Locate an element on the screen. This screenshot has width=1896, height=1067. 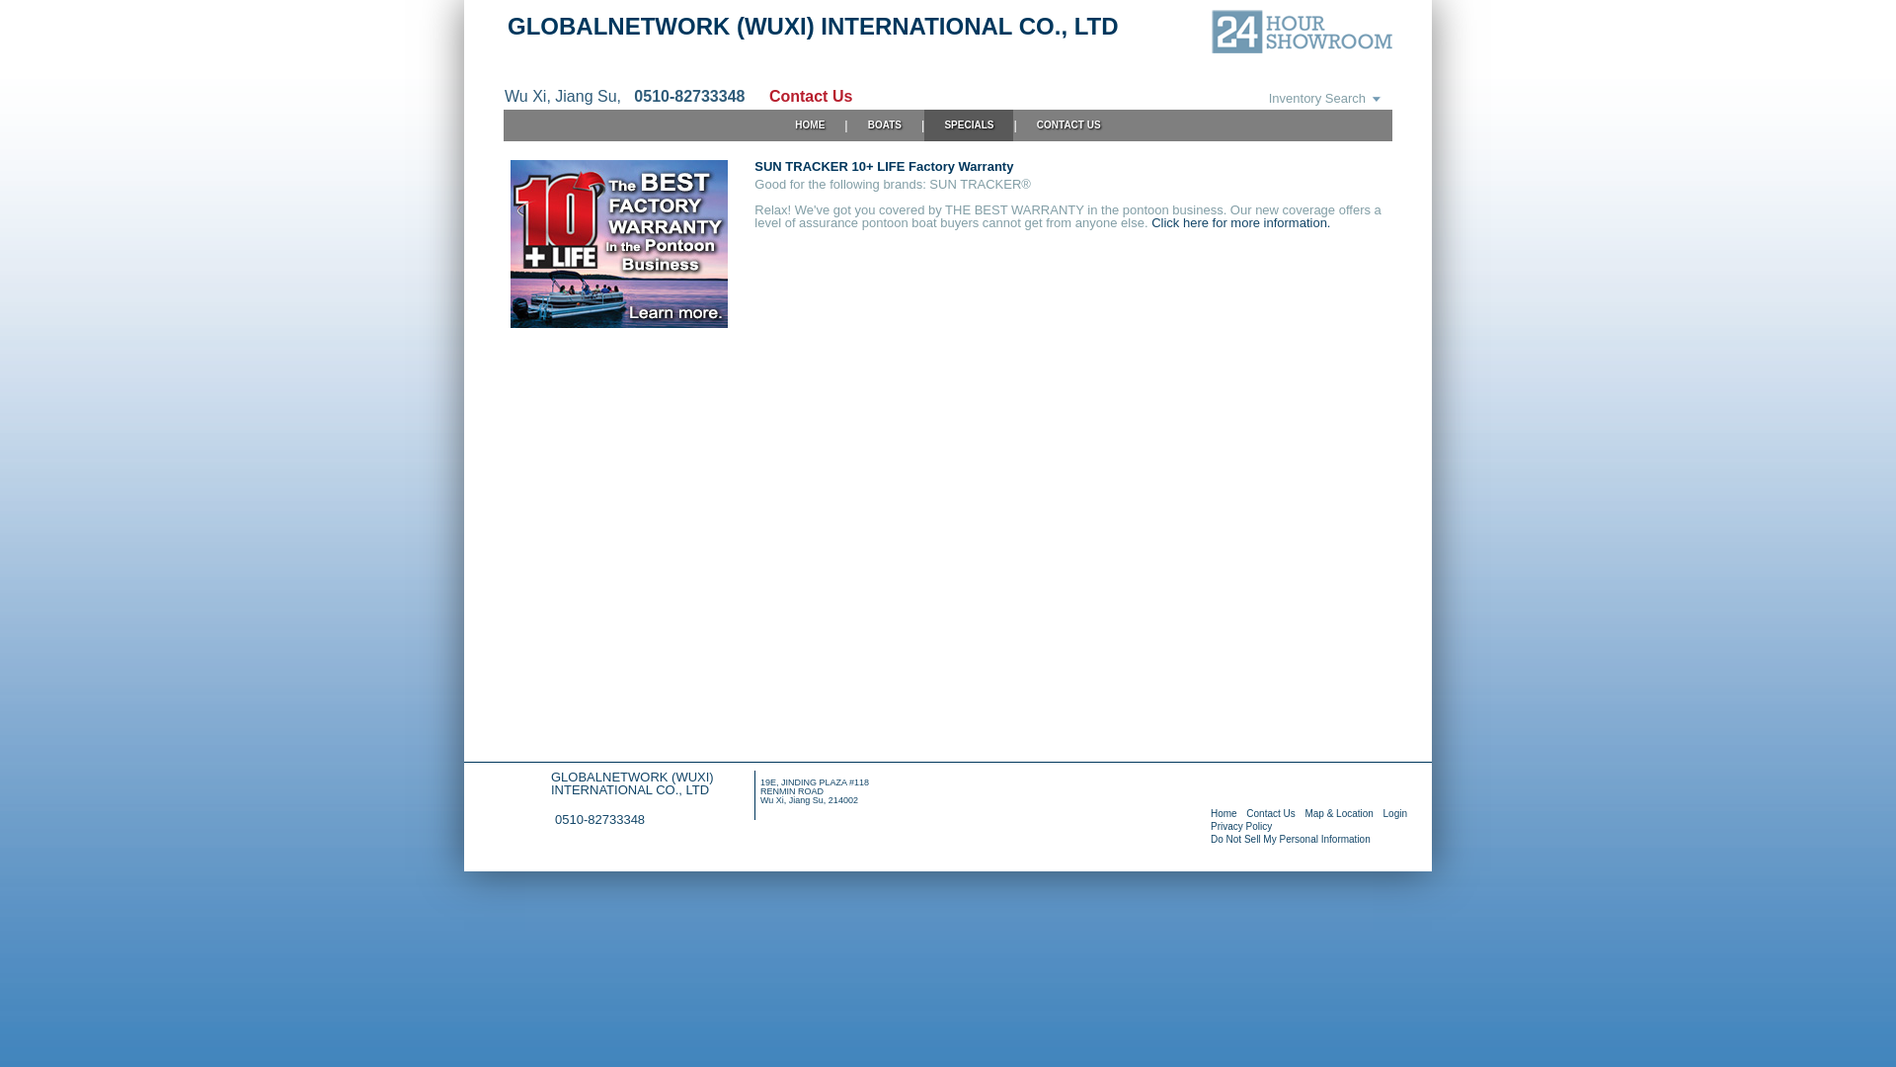
'Privacy Policy' is located at coordinates (1240, 826).